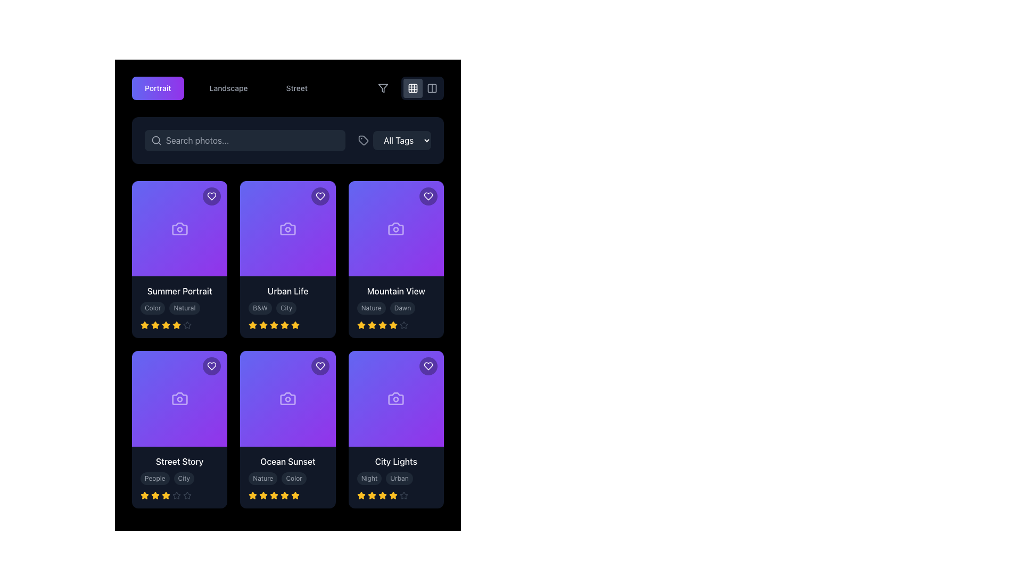 The width and height of the screenshot is (1022, 575). I want to click on the third star in the 5-point rating system for the 'Ocean Sunset' card, so click(263, 495).